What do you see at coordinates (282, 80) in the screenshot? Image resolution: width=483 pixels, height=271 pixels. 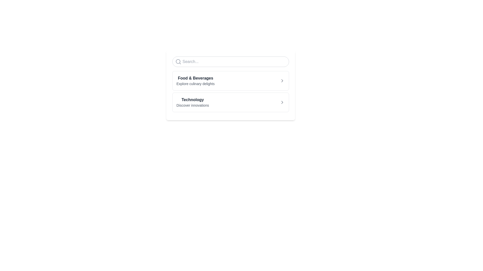 I see `the navigational indicator icon located to the far right of the 'Food & Beverages' list item` at bounding box center [282, 80].